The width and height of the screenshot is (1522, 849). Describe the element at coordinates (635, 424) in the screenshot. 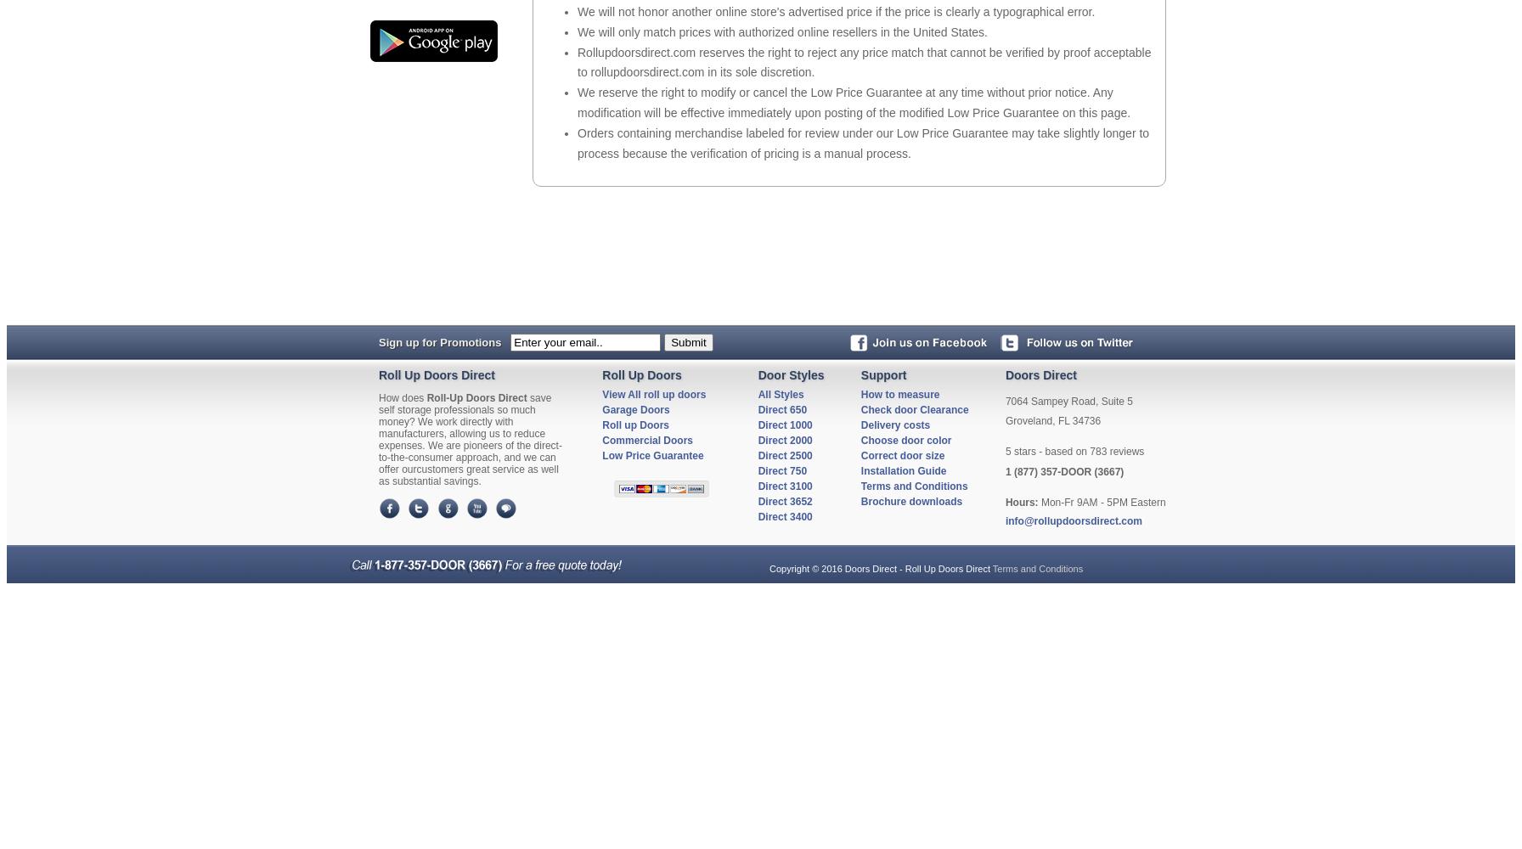

I see `'Roll up Doors'` at that location.